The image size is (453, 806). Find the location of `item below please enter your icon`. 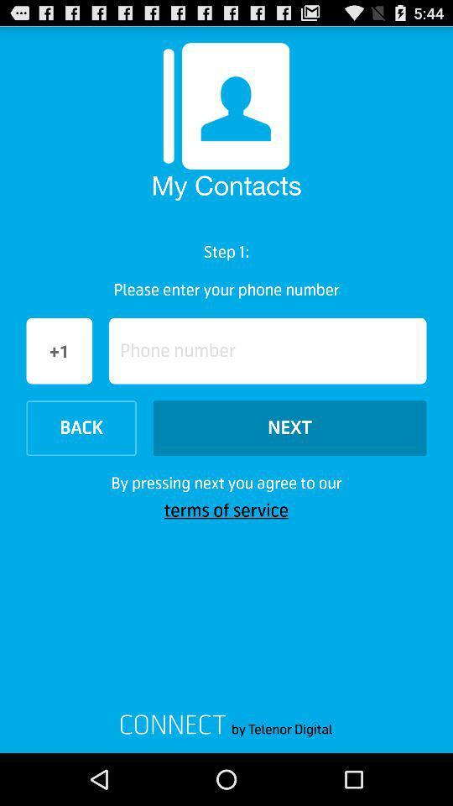

item below please enter your icon is located at coordinates (268, 350).